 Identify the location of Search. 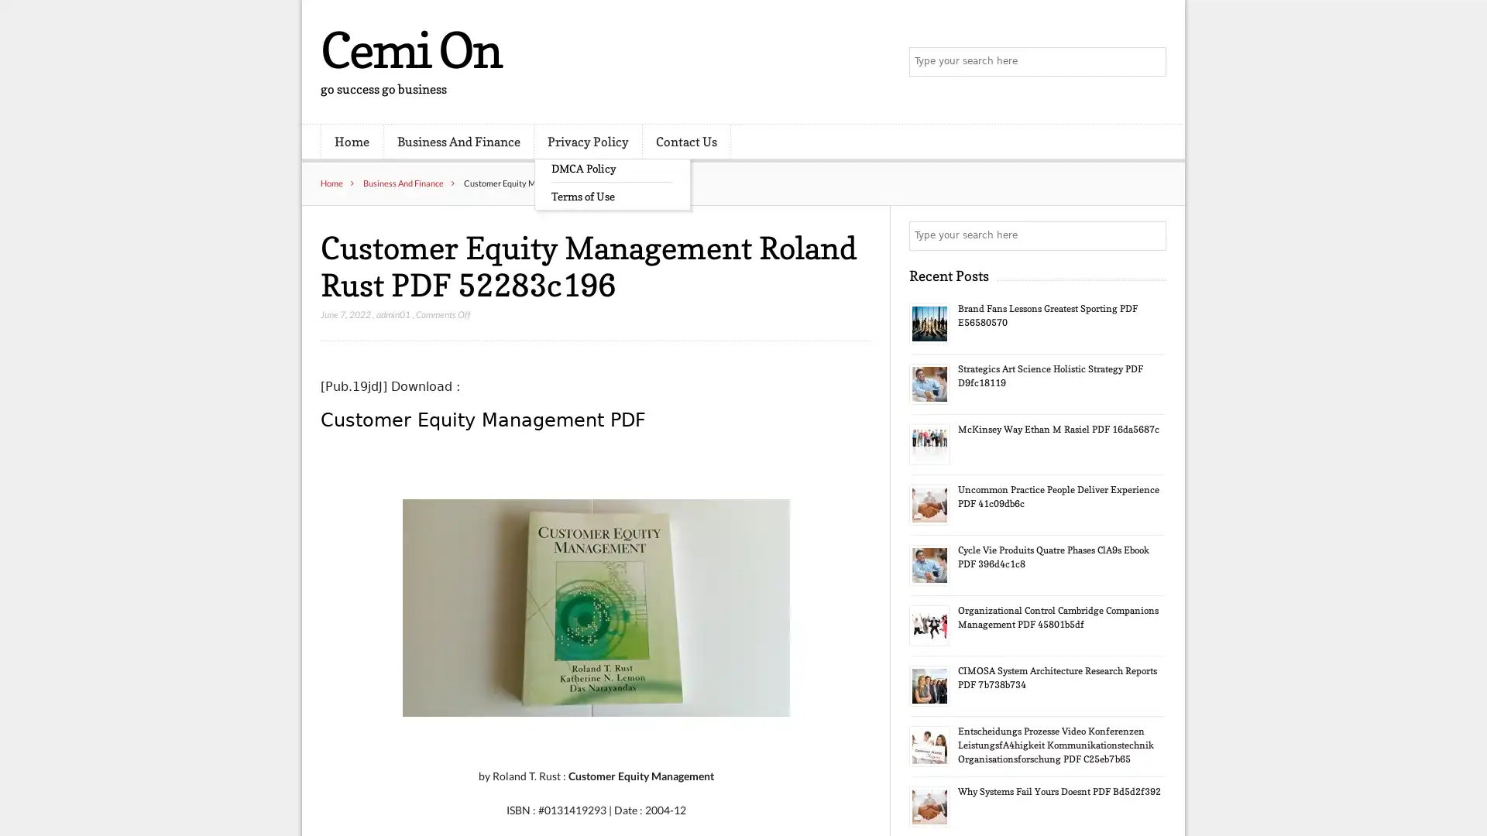
(1150, 235).